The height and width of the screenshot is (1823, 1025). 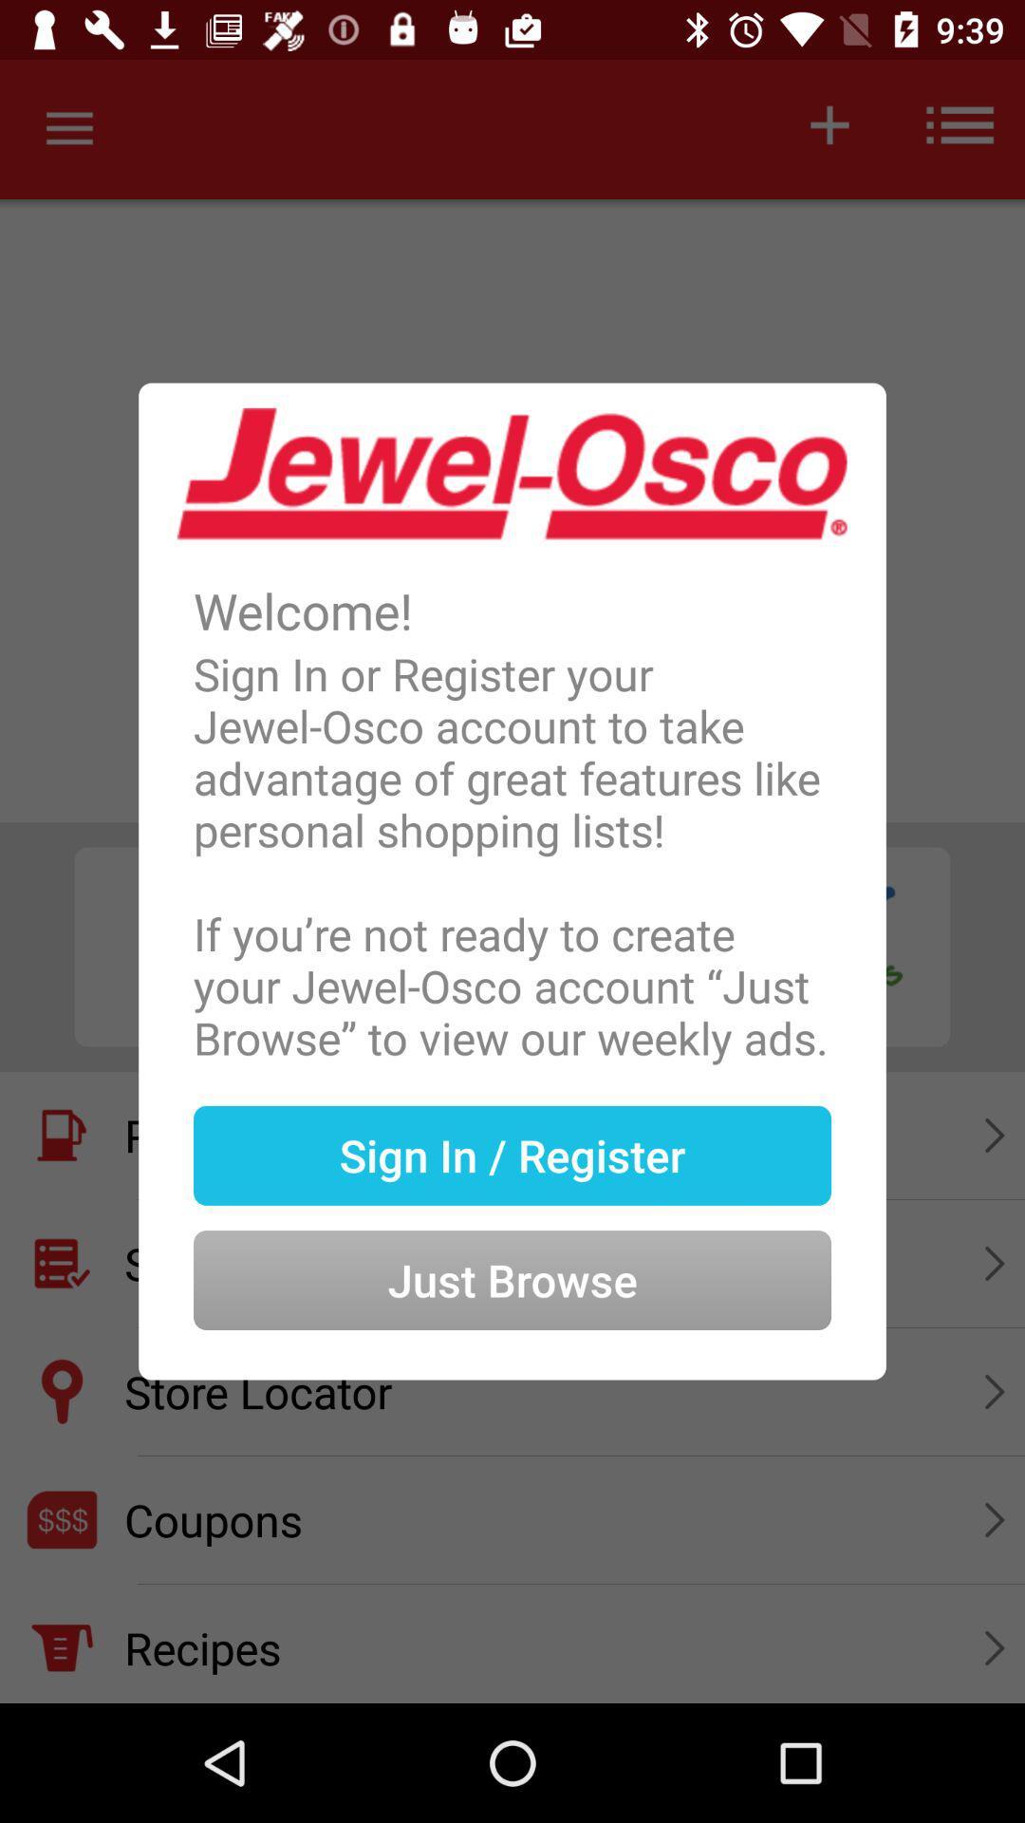 What do you see at coordinates (512, 1250) in the screenshot?
I see `icon below sign in / register item` at bounding box center [512, 1250].